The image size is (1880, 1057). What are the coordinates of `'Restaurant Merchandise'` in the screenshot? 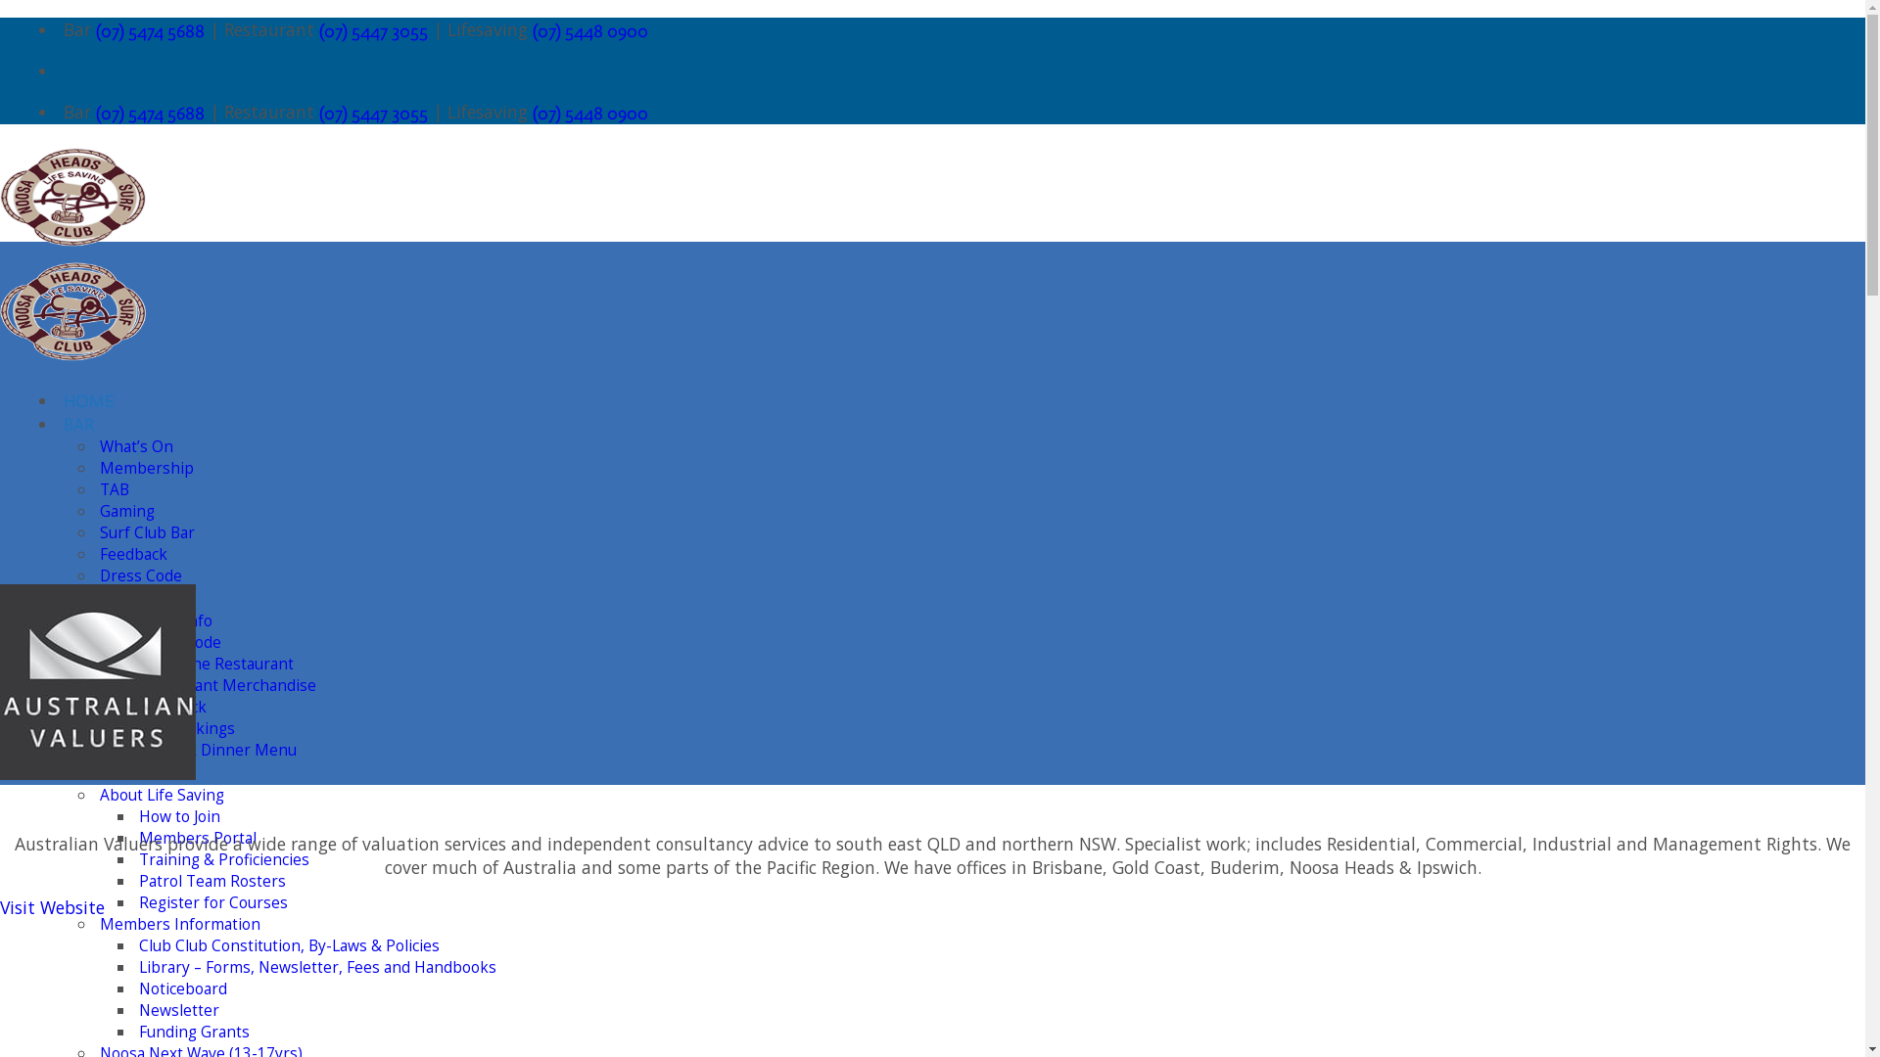 It's located at (227, 683).